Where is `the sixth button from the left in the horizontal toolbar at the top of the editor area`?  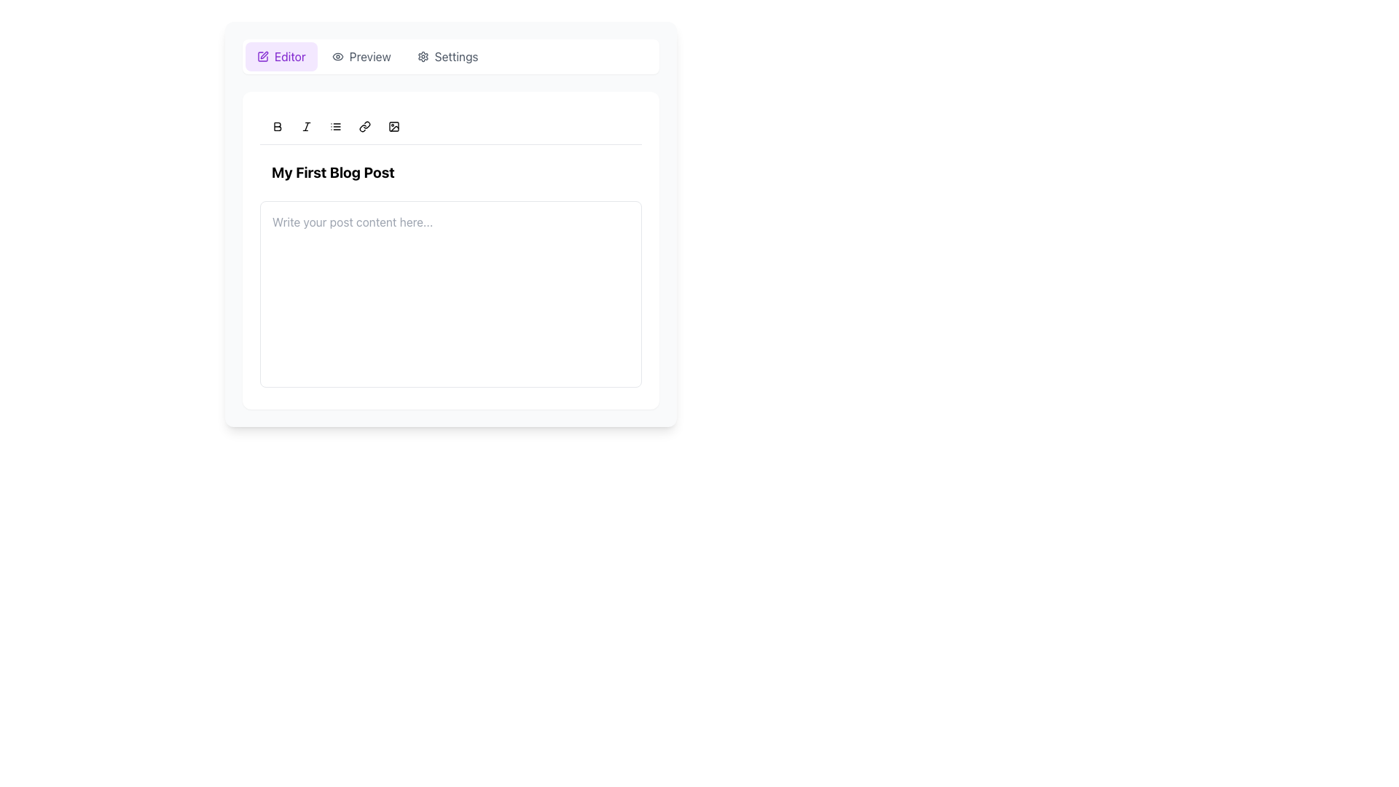 the sixth button from the left in the horizontal toolbar at the top of the editor area is located at coordinates (394, 125).